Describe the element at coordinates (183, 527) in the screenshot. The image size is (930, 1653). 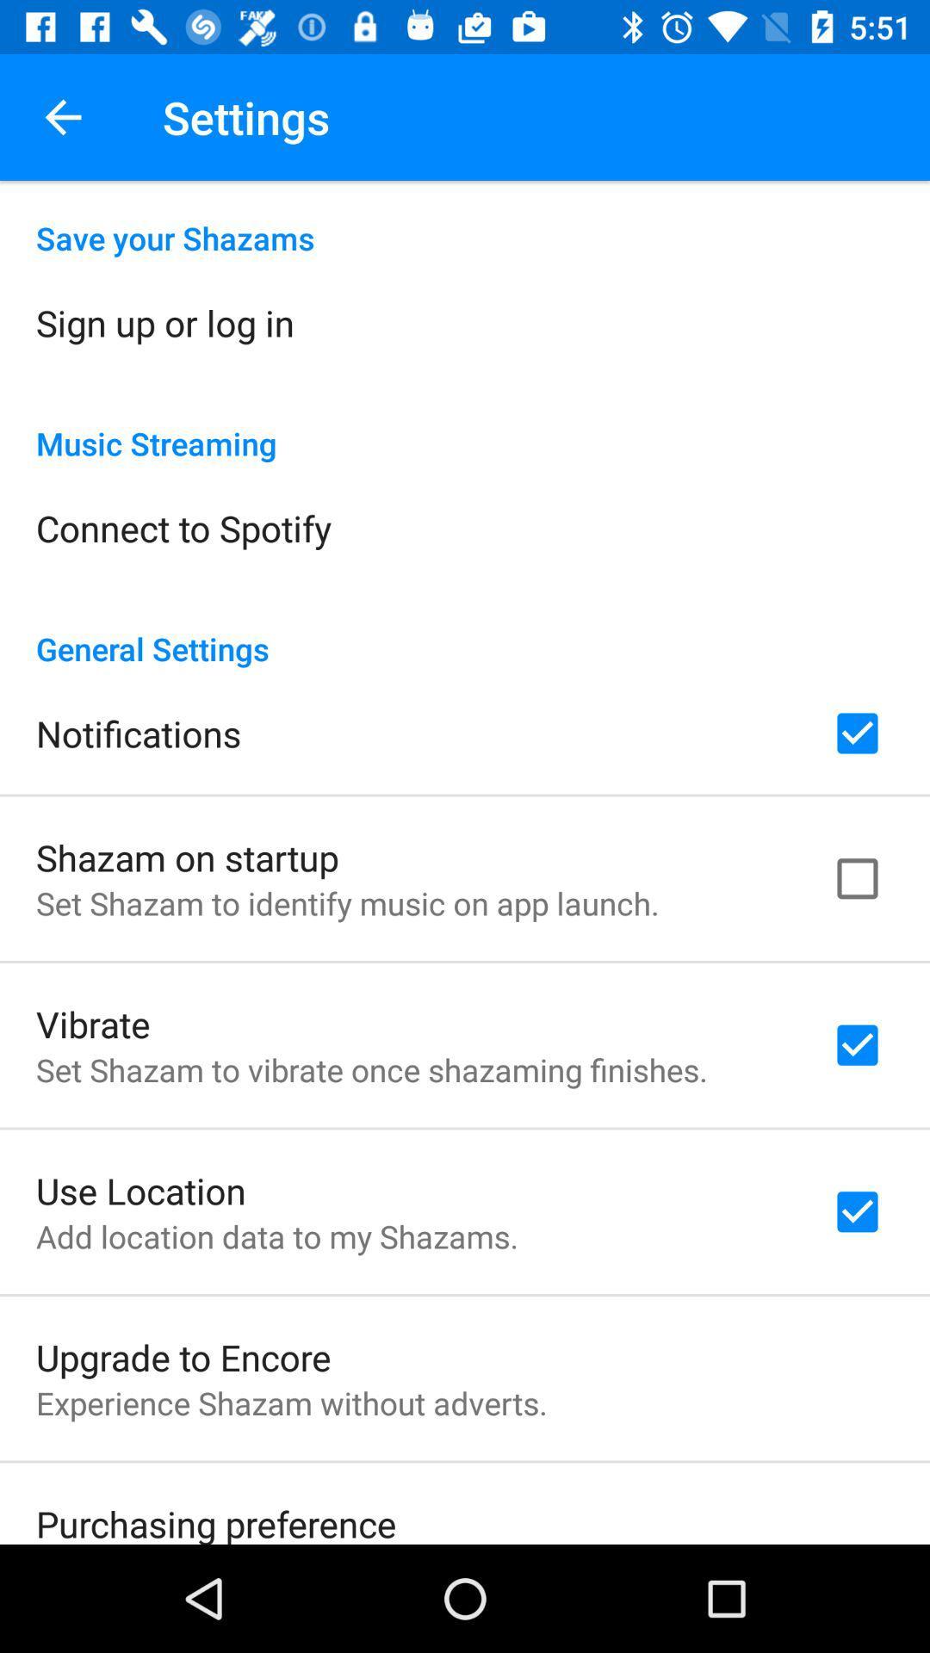
I see `the item above the general settings icon` at that location.